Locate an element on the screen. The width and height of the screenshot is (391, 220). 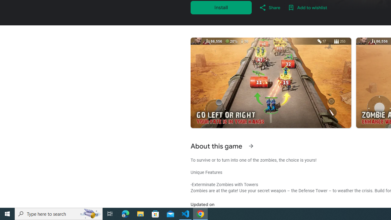
'Install' is located at coordinates (221, 7).